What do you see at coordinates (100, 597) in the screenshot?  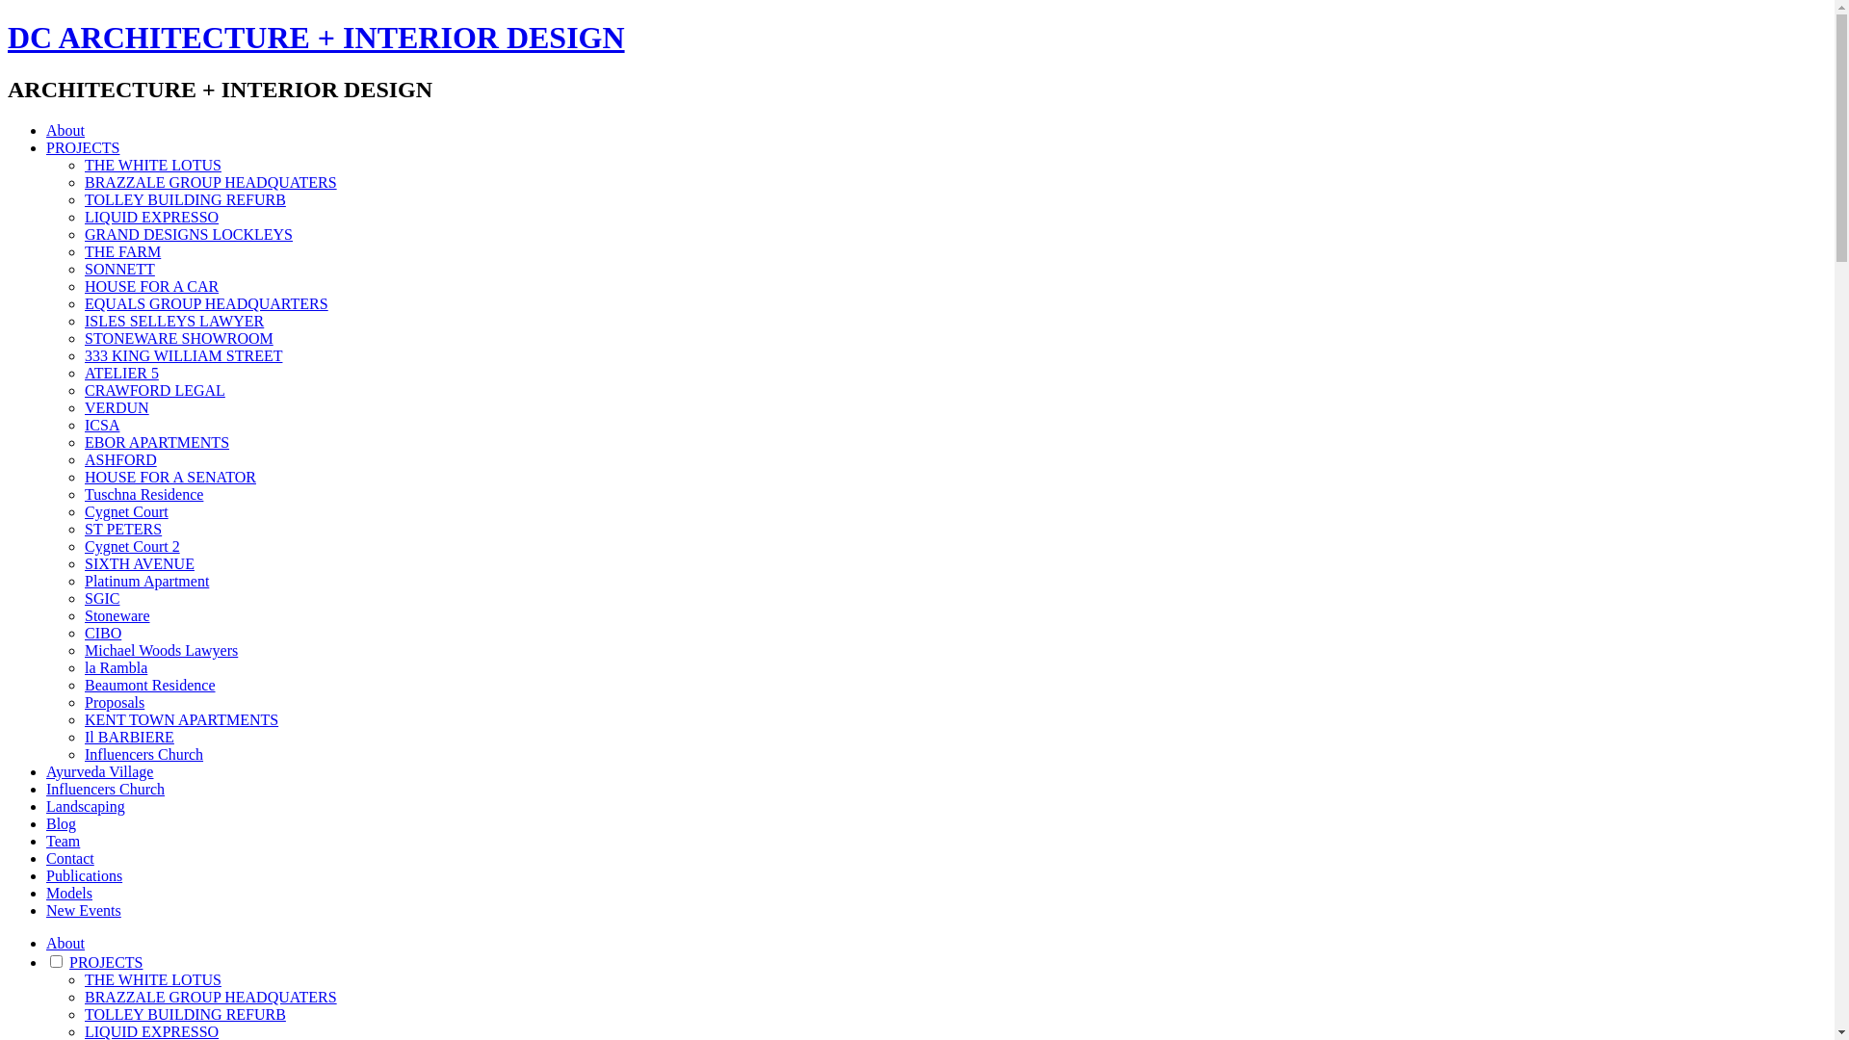 I see `'SGIC'` at bounding box center [100, 597].